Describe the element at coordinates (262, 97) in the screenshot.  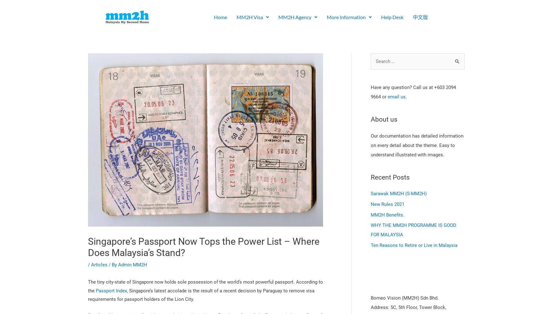
I see `'Frequently Asked Questions'` at that location.